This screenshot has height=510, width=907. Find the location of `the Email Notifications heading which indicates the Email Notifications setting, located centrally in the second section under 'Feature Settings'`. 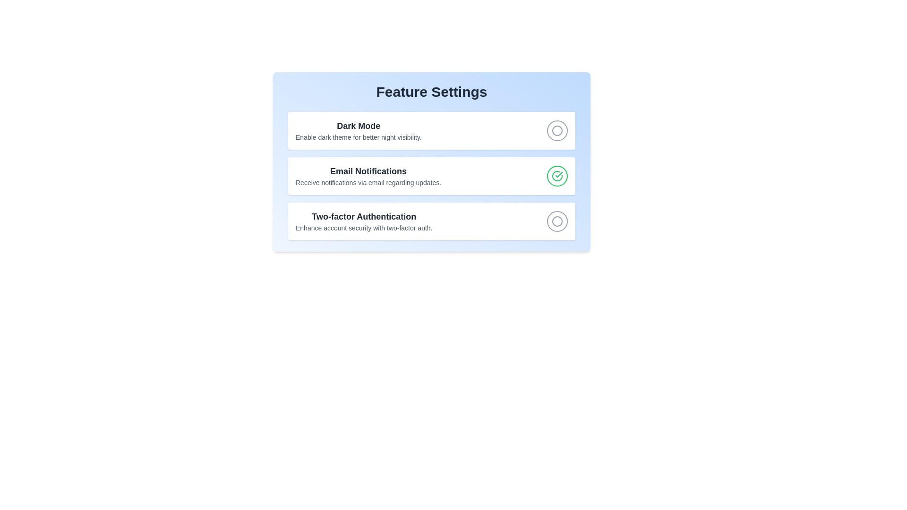

the Email Notifications heading which indicates the Email Notifications setting, located centrally in the second section under 'Feature Settings' is located at coordinates (368, 171).